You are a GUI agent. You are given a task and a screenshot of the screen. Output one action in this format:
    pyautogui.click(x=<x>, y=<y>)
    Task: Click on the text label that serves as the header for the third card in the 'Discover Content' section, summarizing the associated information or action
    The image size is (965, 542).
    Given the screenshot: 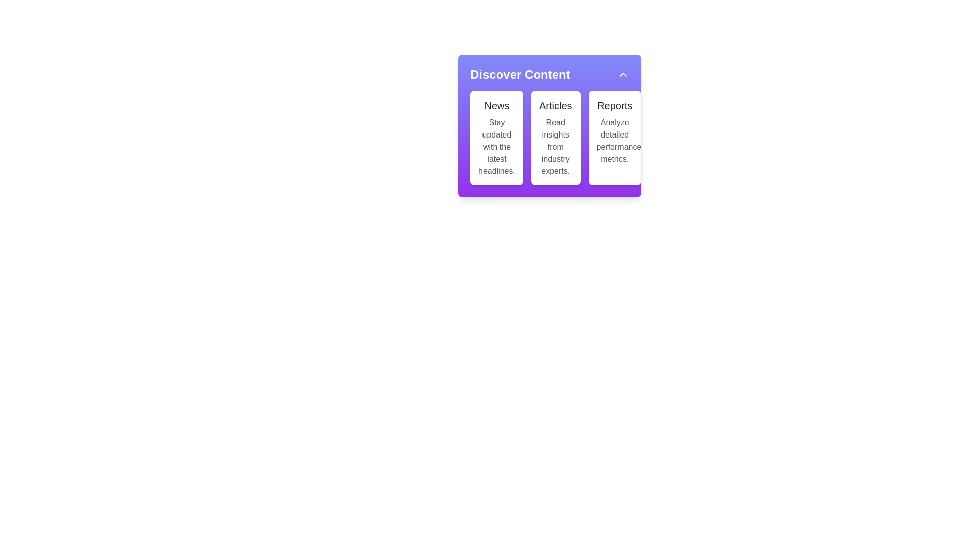 What is the action you would take?
    pyautogui.click(x=614, y=106)
    